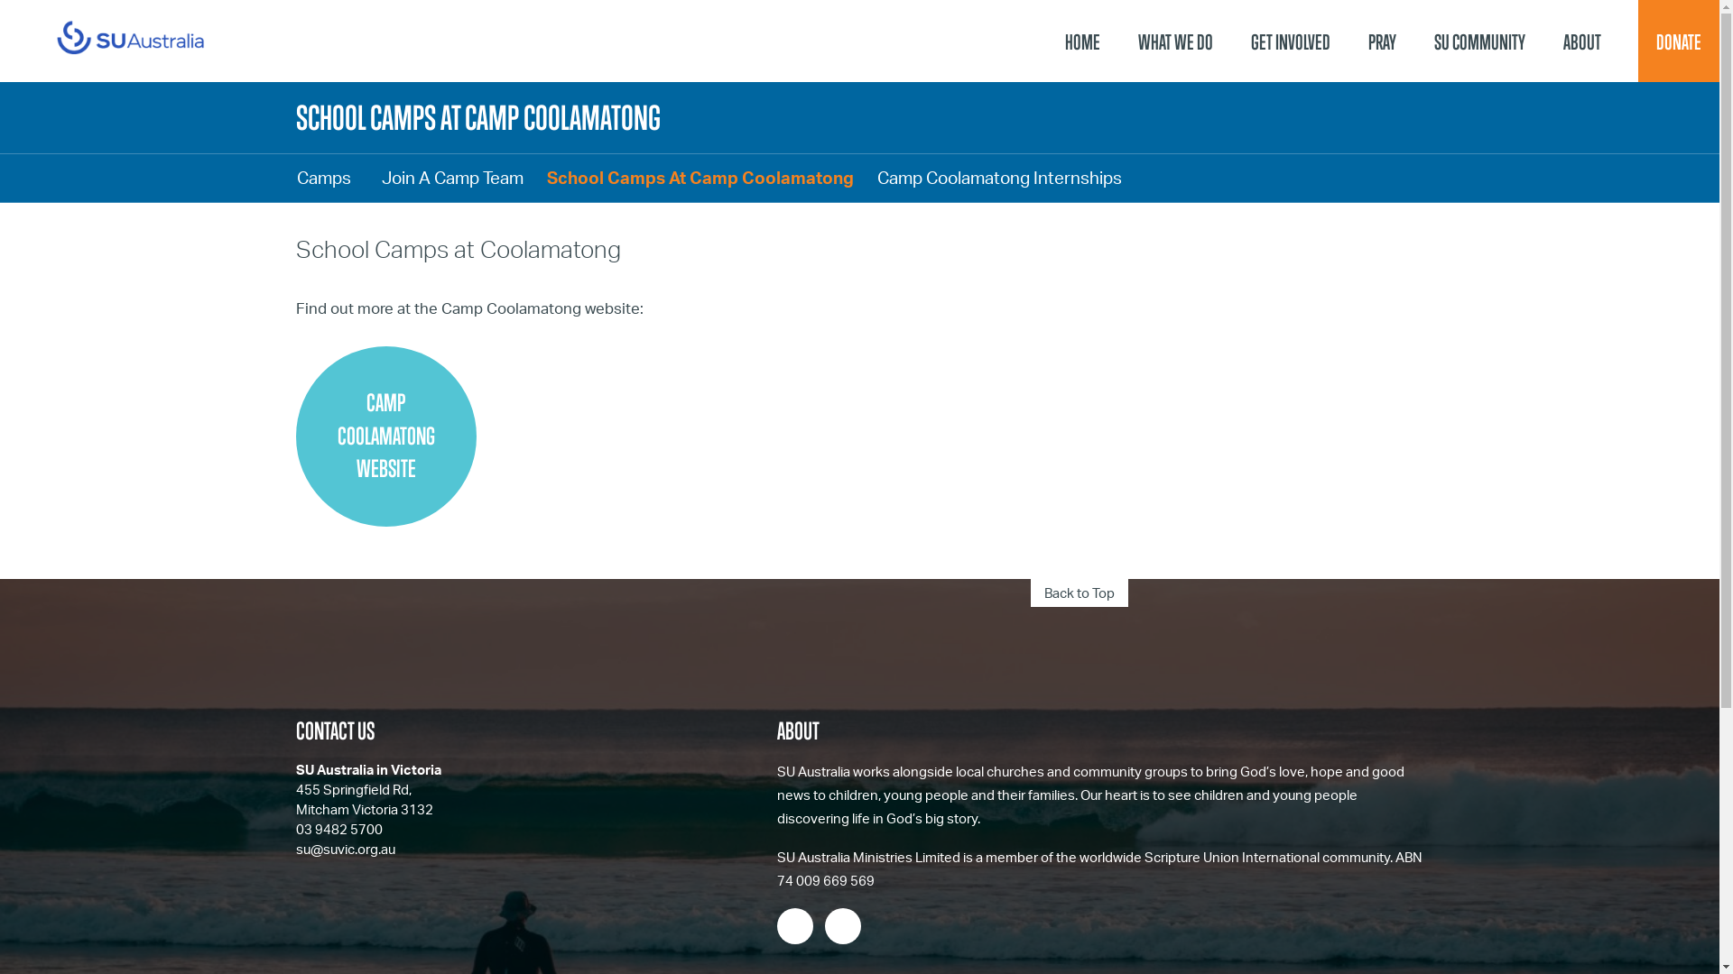  What do you see at coordinates (1290, 41) in the screenshot?
I see `'GET INVOLVED'` at bounding box center [1290, 41].